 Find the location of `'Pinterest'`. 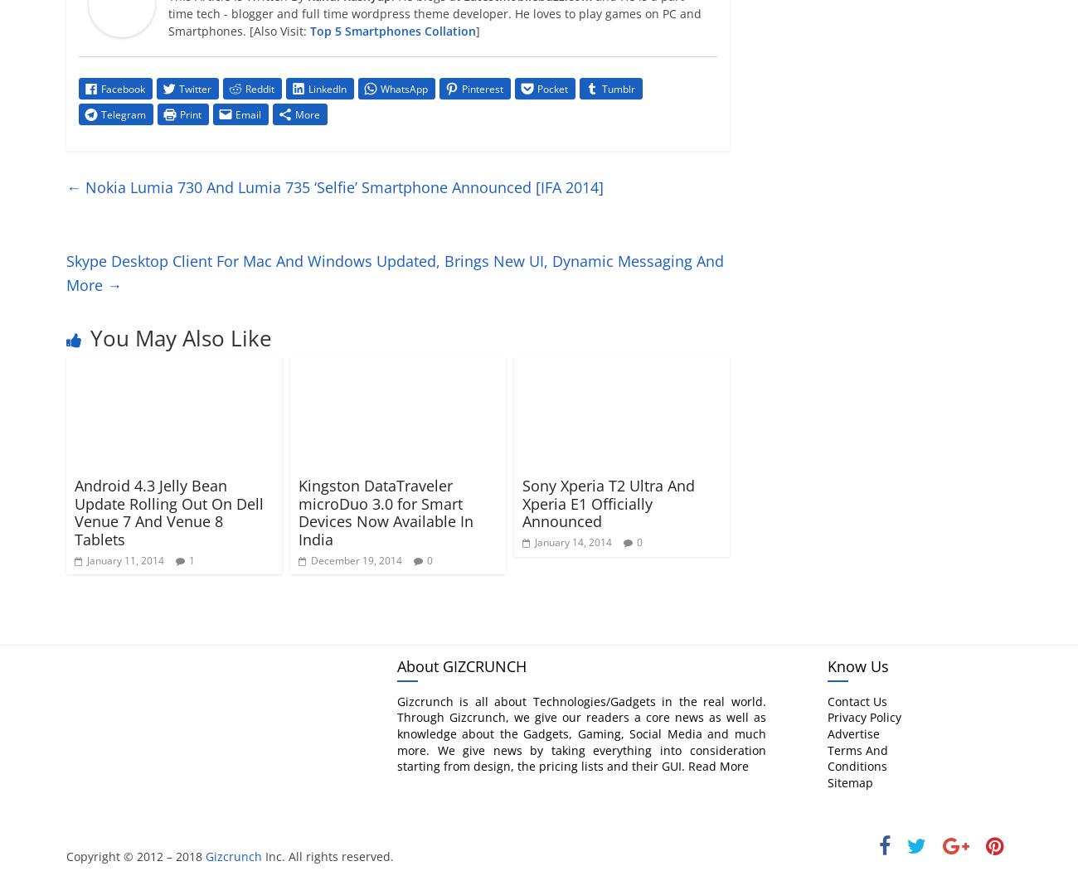

'Pinterest' is located at coordinates (482, 88).